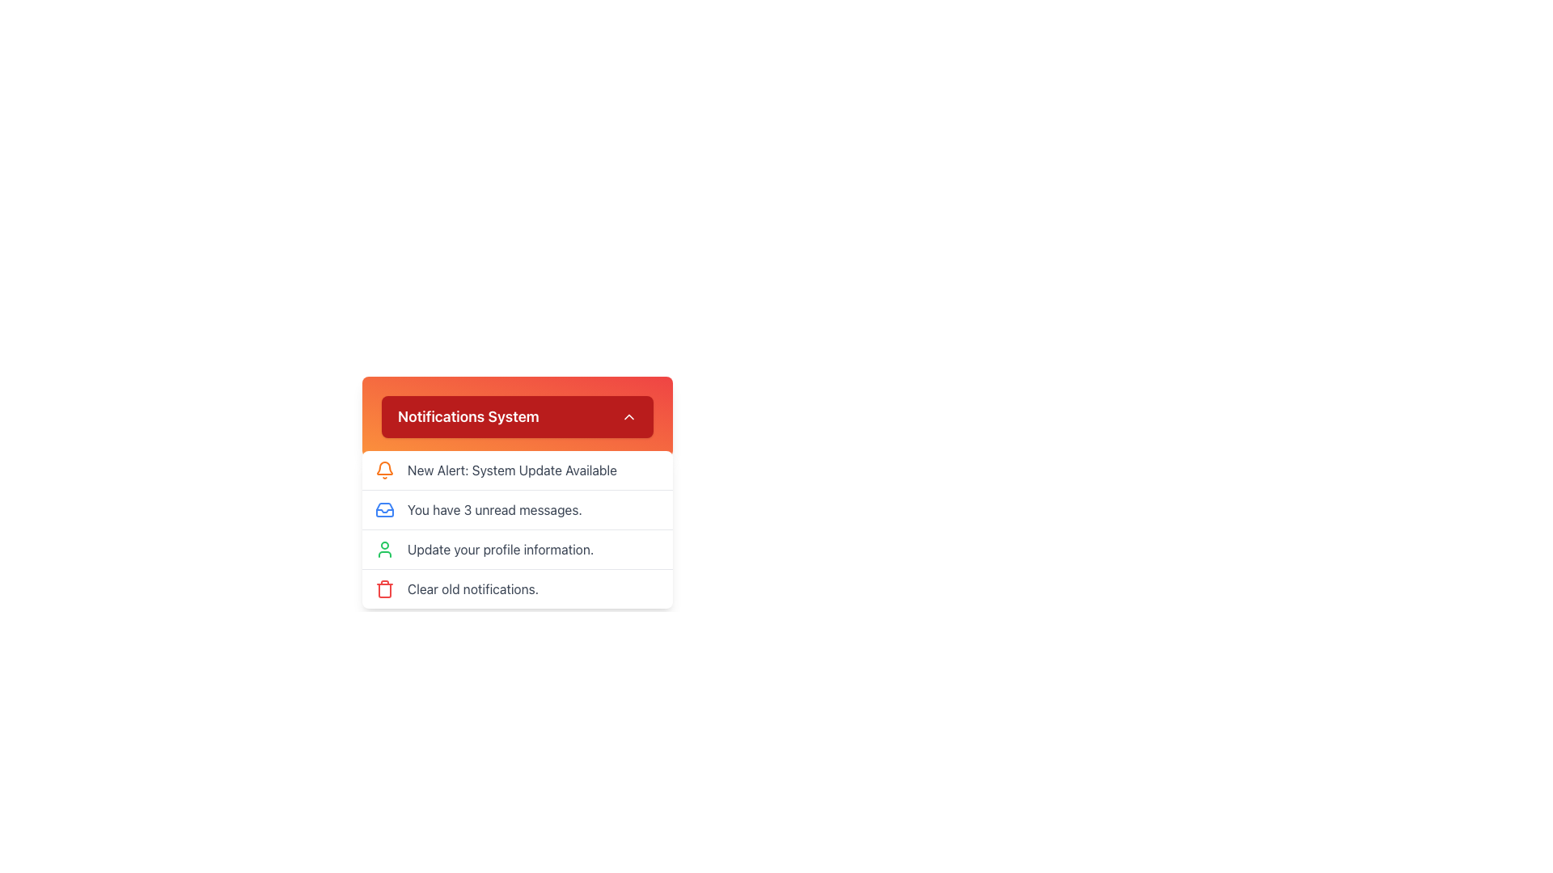  What do you see at coordinates (383, 510) in the screenshot?
I see `the notification icon that indicates new or unread messages, located to the left of the text 'You have 3 unread messages.'` at bounding box center [383, 510].